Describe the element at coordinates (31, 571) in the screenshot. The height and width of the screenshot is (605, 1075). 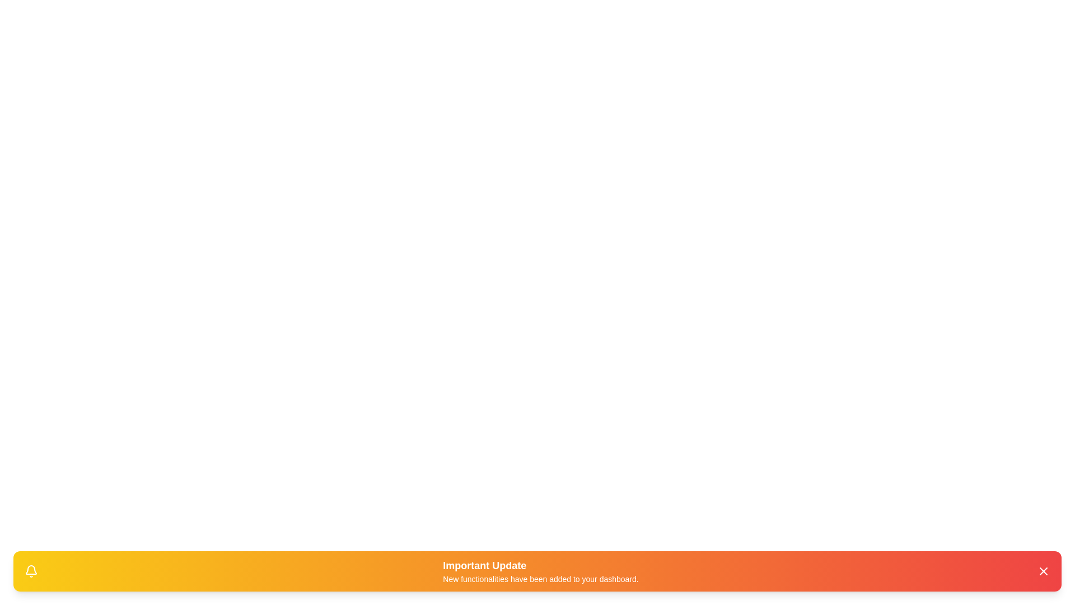
I see `the notification icon located at the bottom left of the alert notification bar` at that location.